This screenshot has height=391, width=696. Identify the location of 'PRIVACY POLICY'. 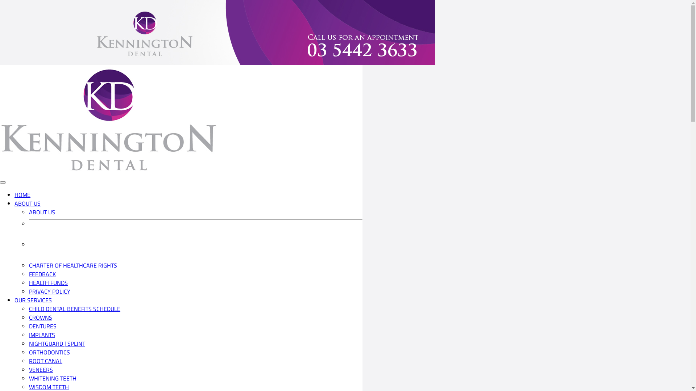
(49, 291).